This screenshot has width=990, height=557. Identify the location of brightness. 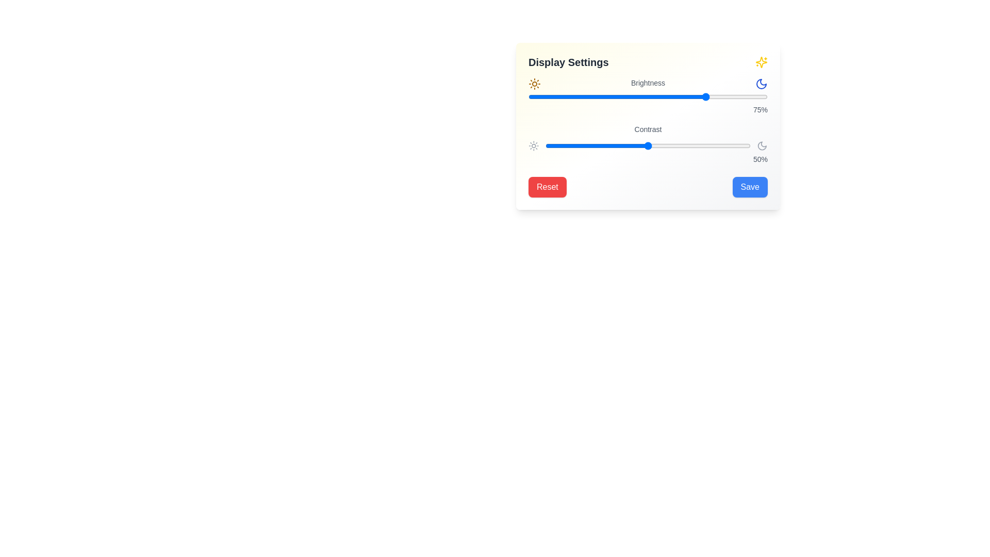
(583, 97).